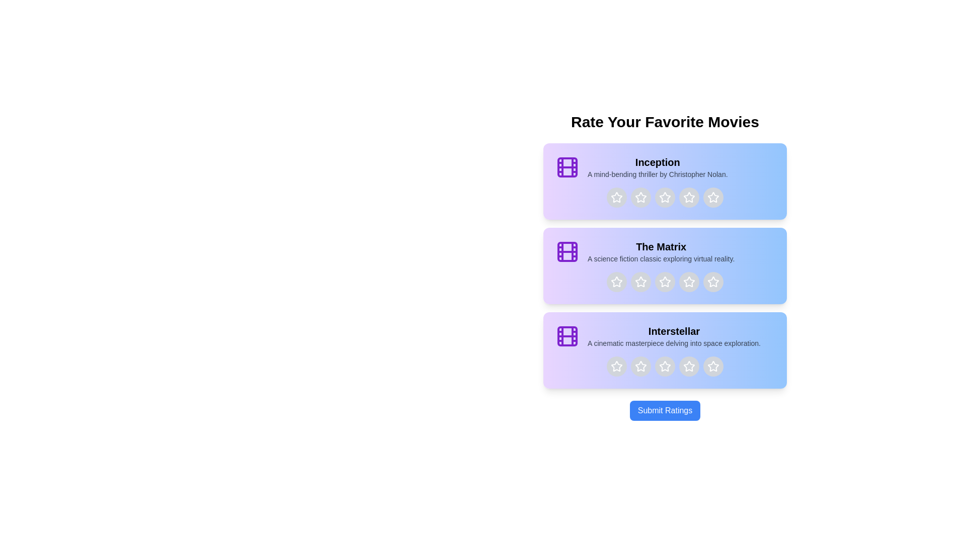 The image size is (966, 543). Describe the element at coordinates (665, 411) in the screenshot. I see `the 'Submit Ratings' button` at that location.